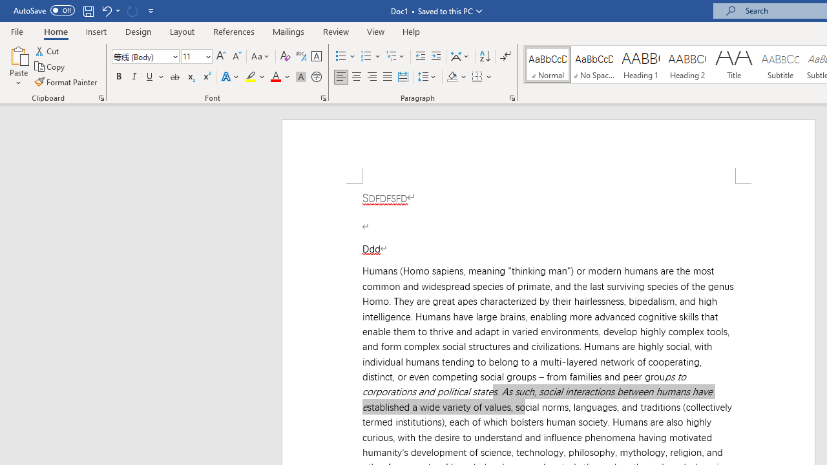 Image resolution: width=827 pixels, height=465 pixels. Describe the element at coordinates (285, 56) in the screenshot. I see `'Clear Formatting'` at that location.